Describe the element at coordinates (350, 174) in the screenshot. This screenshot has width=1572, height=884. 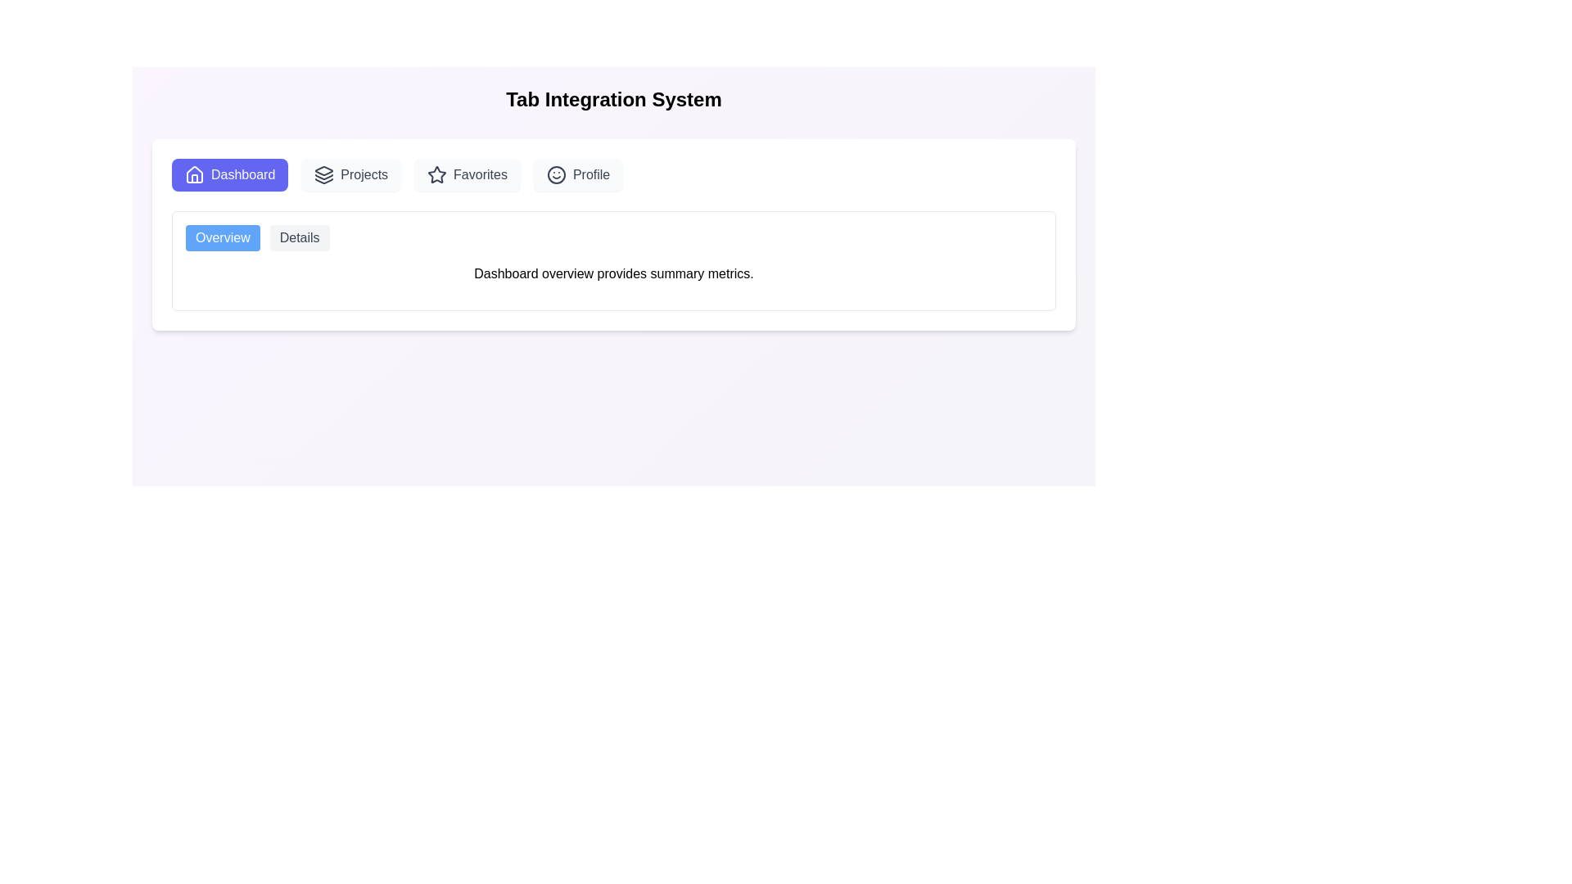
I see `the 'Projects' navigation tab, which is the second tab in the horizontal menu, positioned to the right of 'Dashboard' and to the left of 'Favorites'` at that location.